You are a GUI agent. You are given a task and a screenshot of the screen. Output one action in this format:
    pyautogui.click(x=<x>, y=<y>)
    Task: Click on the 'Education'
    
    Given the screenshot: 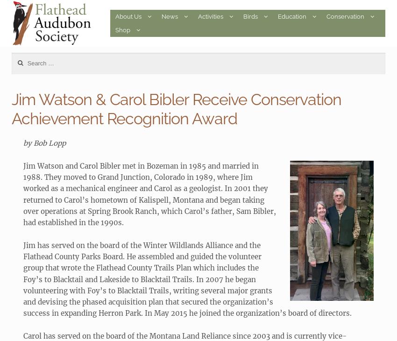 What is the action you would take?
    pyautogui.click(x=278, y=16)
    